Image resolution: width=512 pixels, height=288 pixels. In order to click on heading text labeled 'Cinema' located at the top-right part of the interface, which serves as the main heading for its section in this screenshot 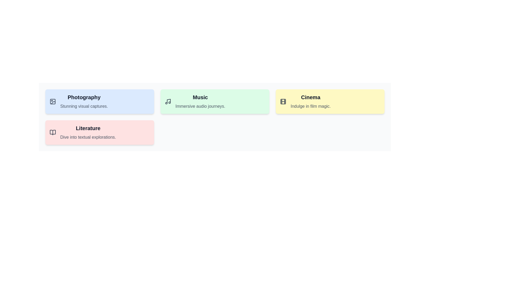, I will do `click(311, 97)`.